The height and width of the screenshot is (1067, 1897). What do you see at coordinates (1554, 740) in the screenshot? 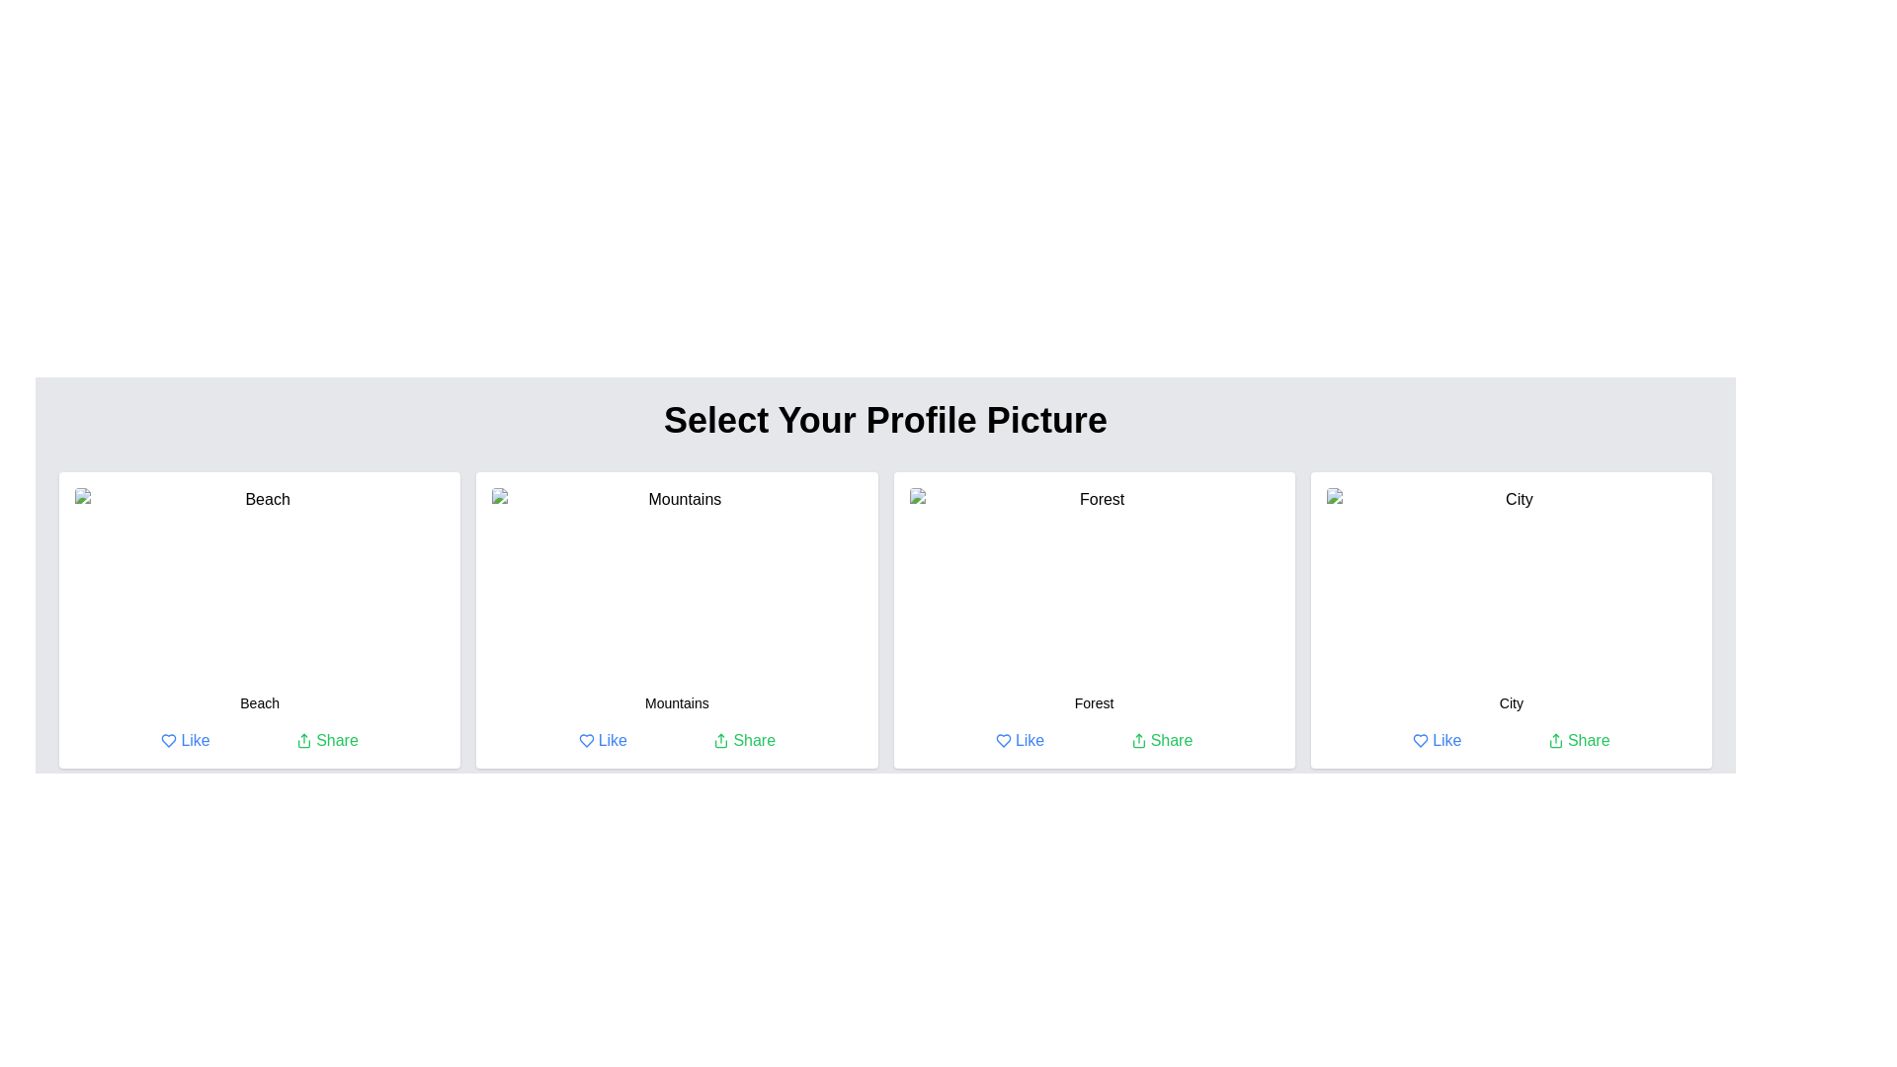
I see `the Share icon located within the Share button of the fourth item in a horizontally arranged grid of options, positioned to the right of the Like icon` at bounding box center [1554, 740].